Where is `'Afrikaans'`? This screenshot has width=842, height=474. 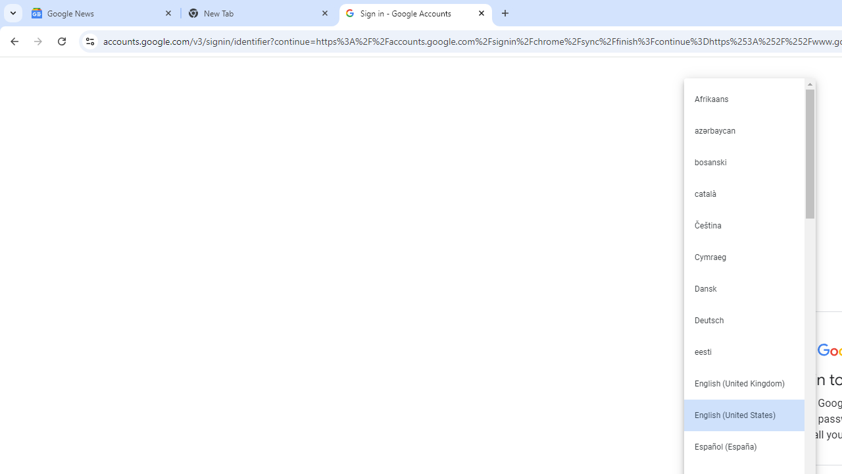 'Afrikaans' is located at coordinates (743, 98).